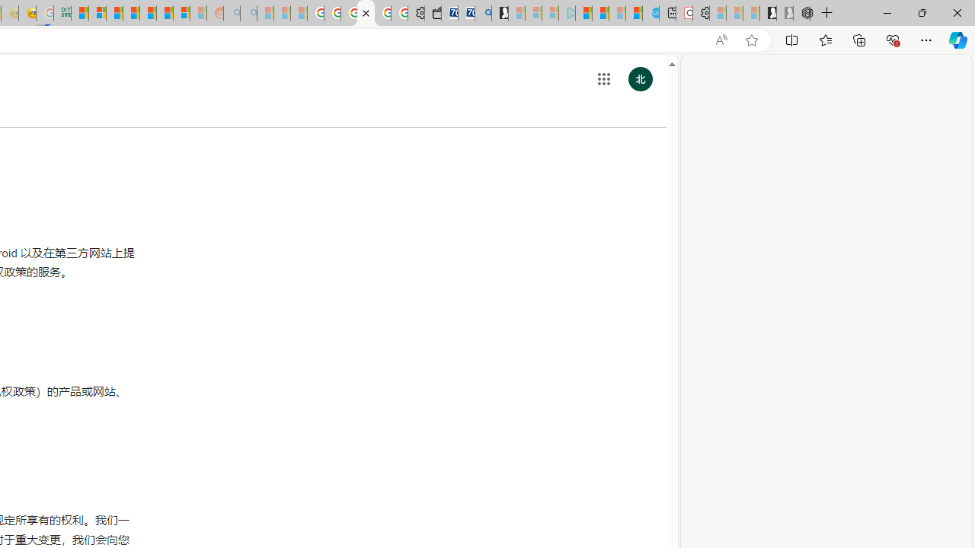  What do you see at coordinates (165, 13) in the screenshot?
I see `'Kinda Frugal - MSN'` at bounding box center [165, 13].